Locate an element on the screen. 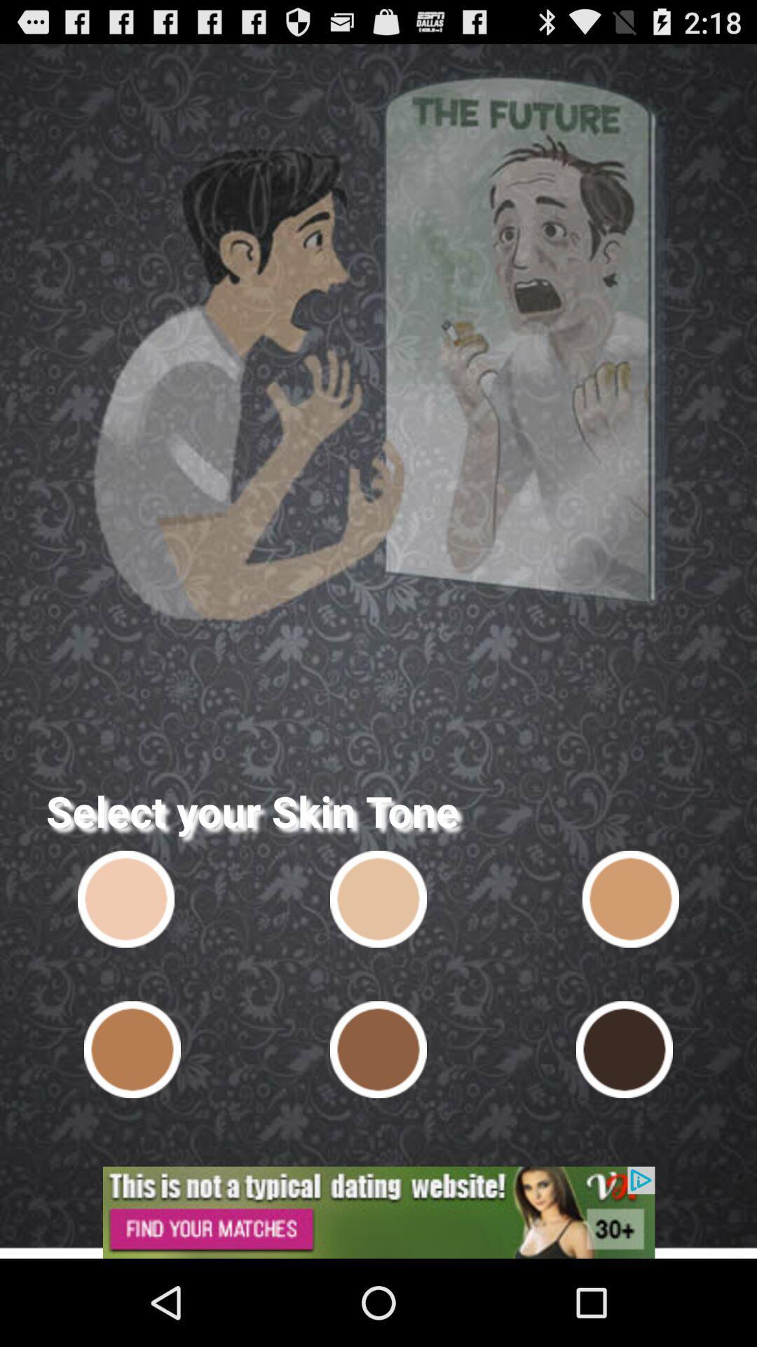  skin tone option is located at coordinates (624, 1050).